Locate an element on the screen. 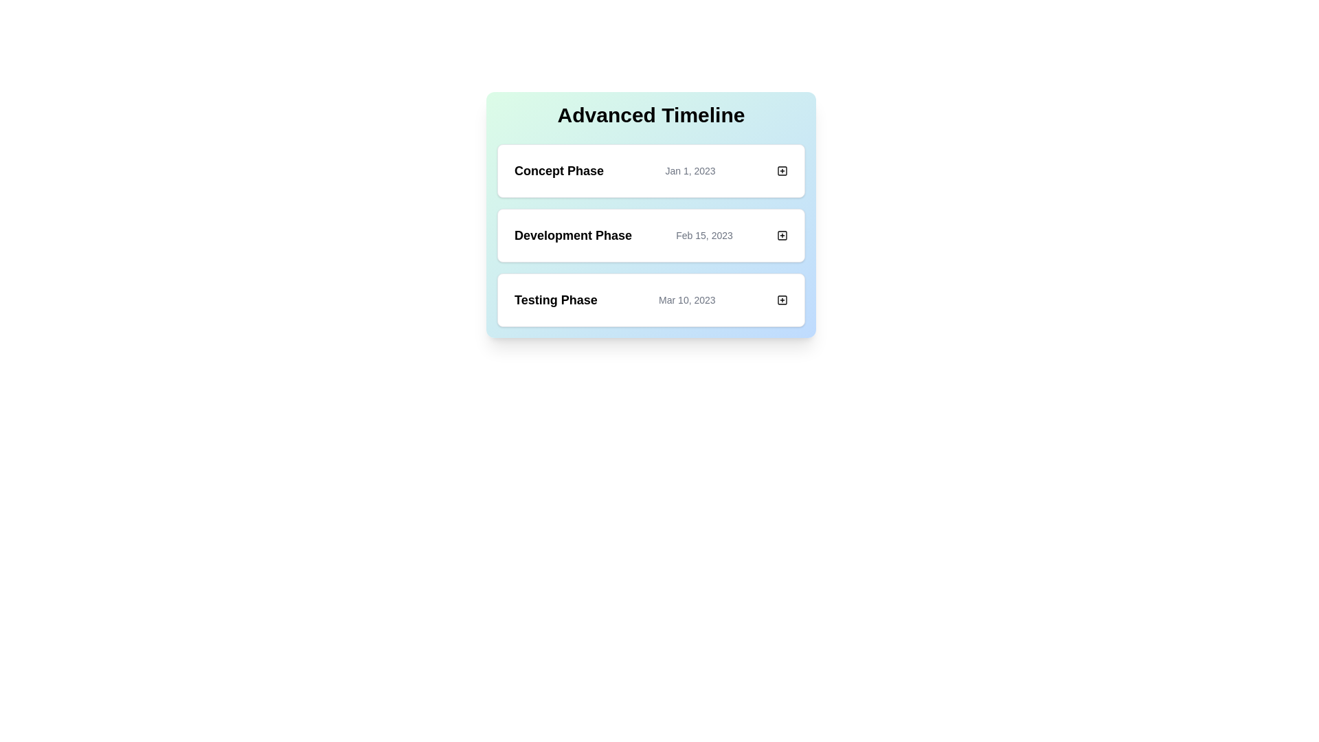  the static text displaying the date in the 'Testing Phase' row, located to the right of the 'Testing Phase' label and to the left of the additional actions icon is located at coordinates (687, 299).